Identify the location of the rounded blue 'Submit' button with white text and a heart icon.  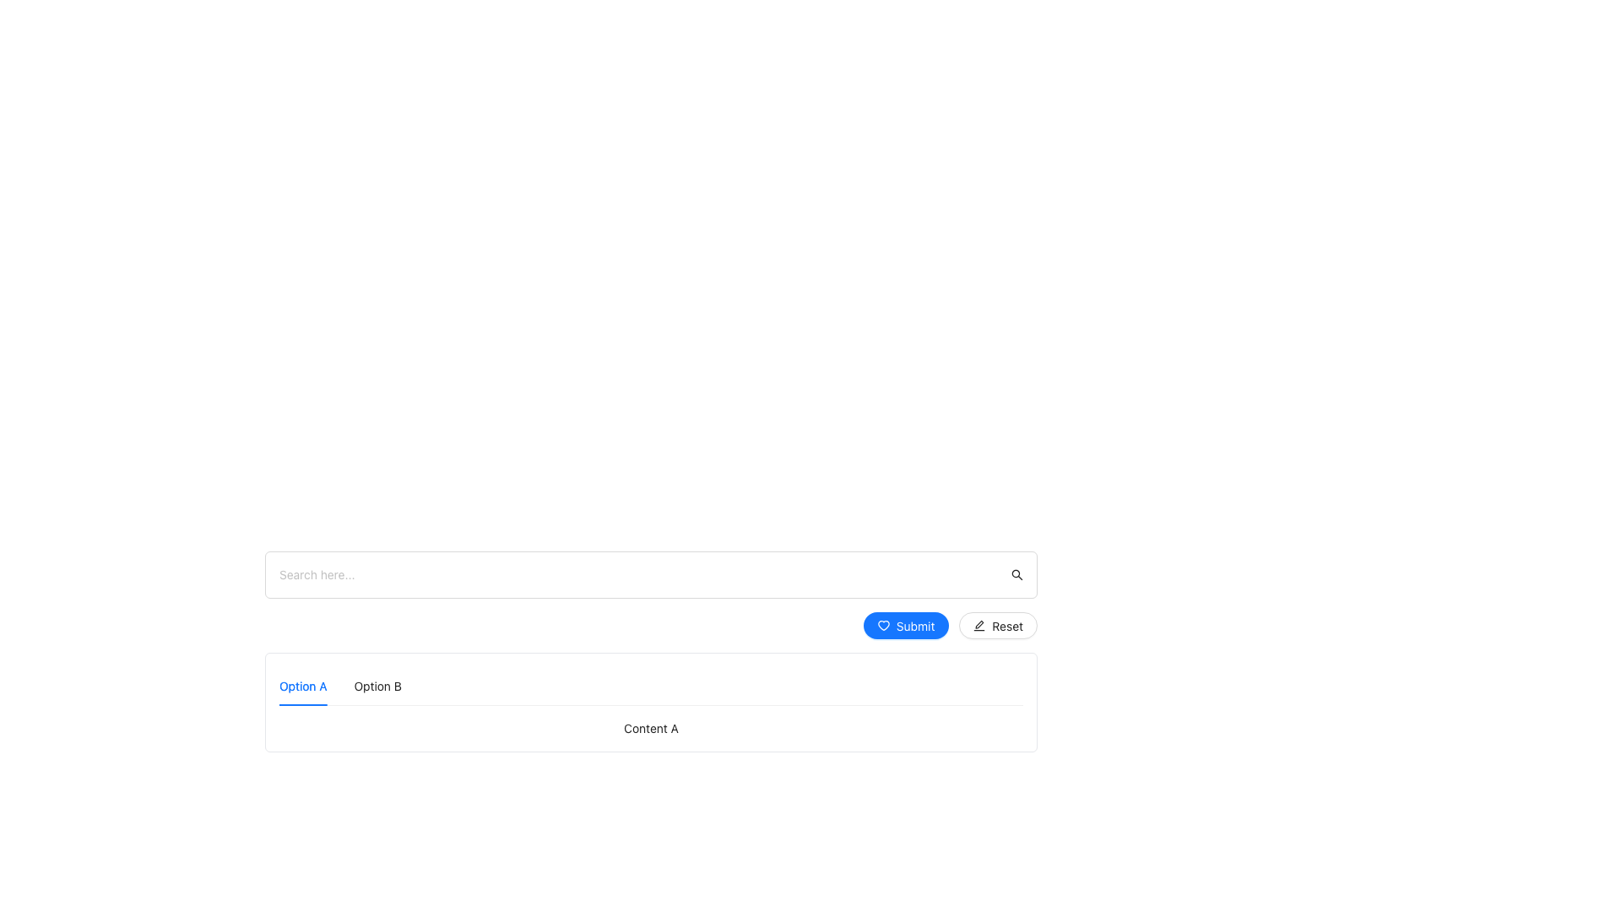
(905, 625).